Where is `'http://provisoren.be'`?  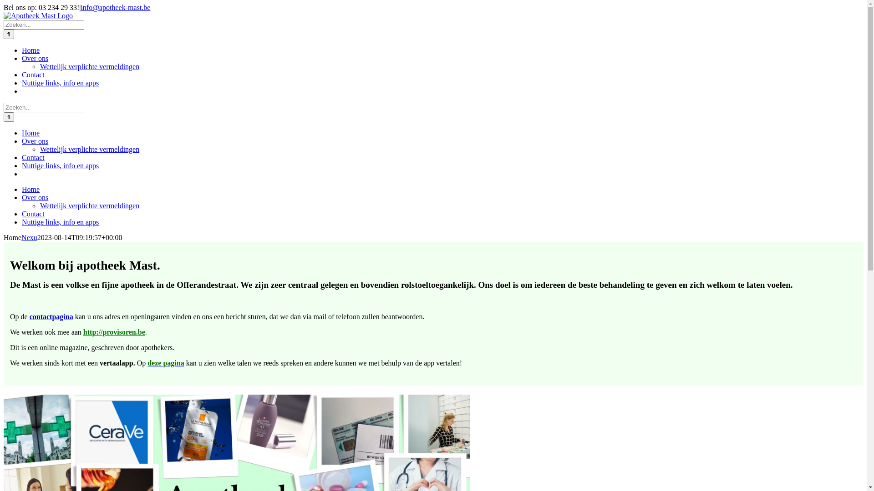 'http://provisoren.be' is located at coordinates (113, 332).